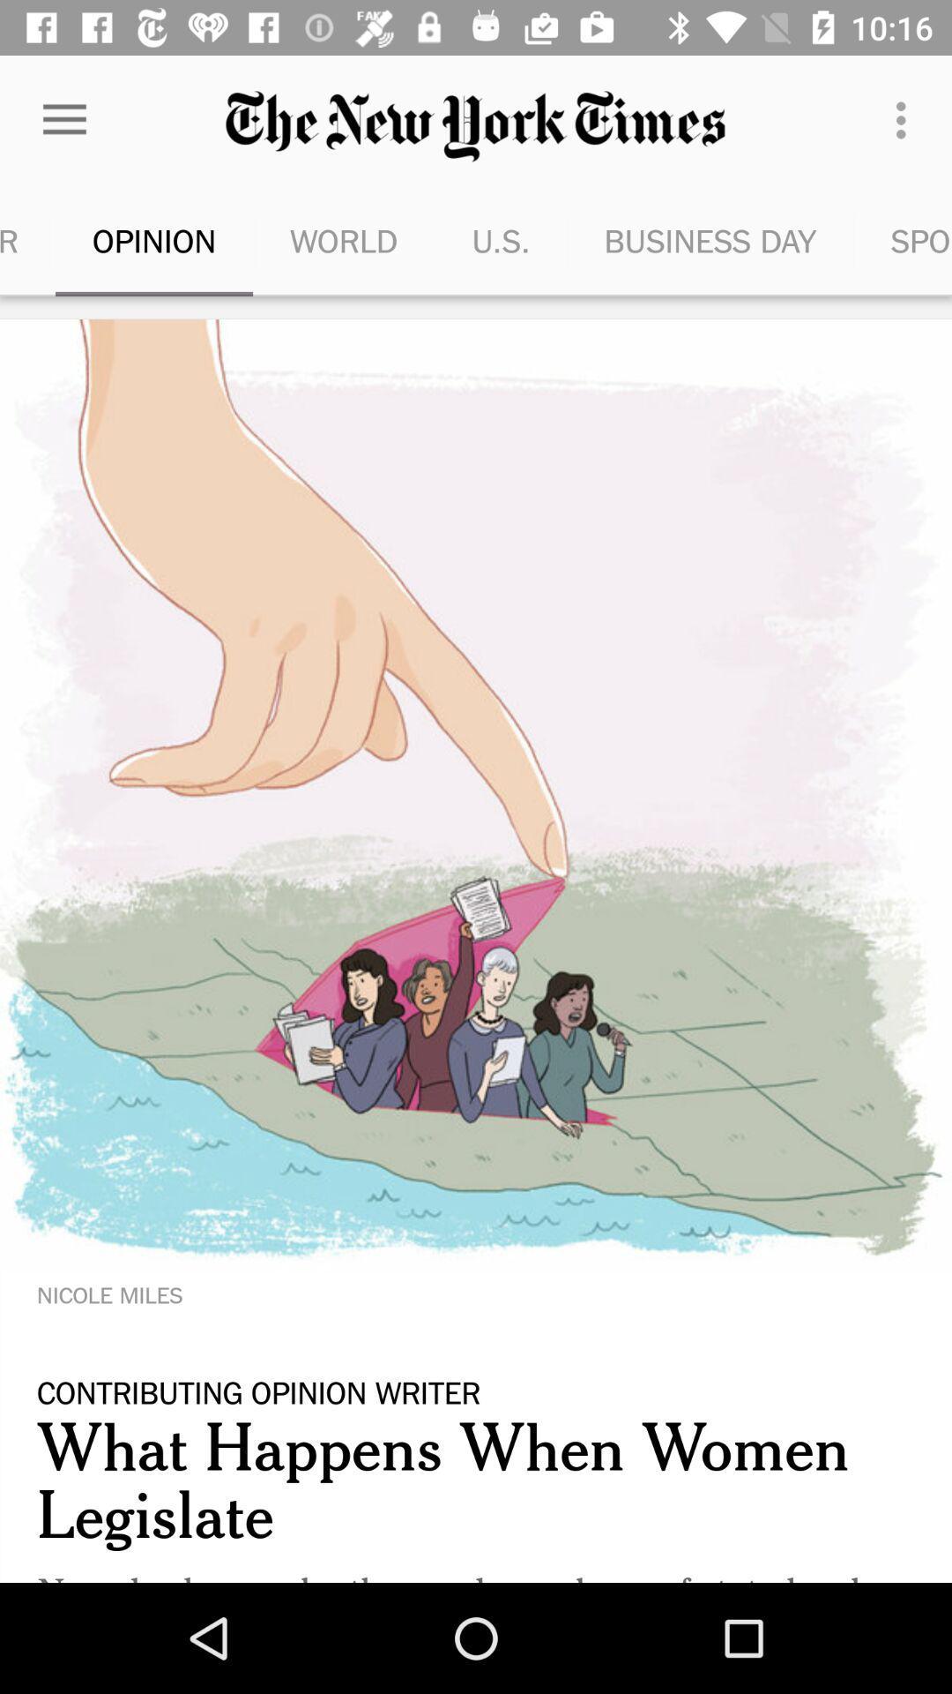  What do you see at coordinates (501, 240) in the screenshot?
I see `icon to the left of business day icon` at bounding box center [501, 240].